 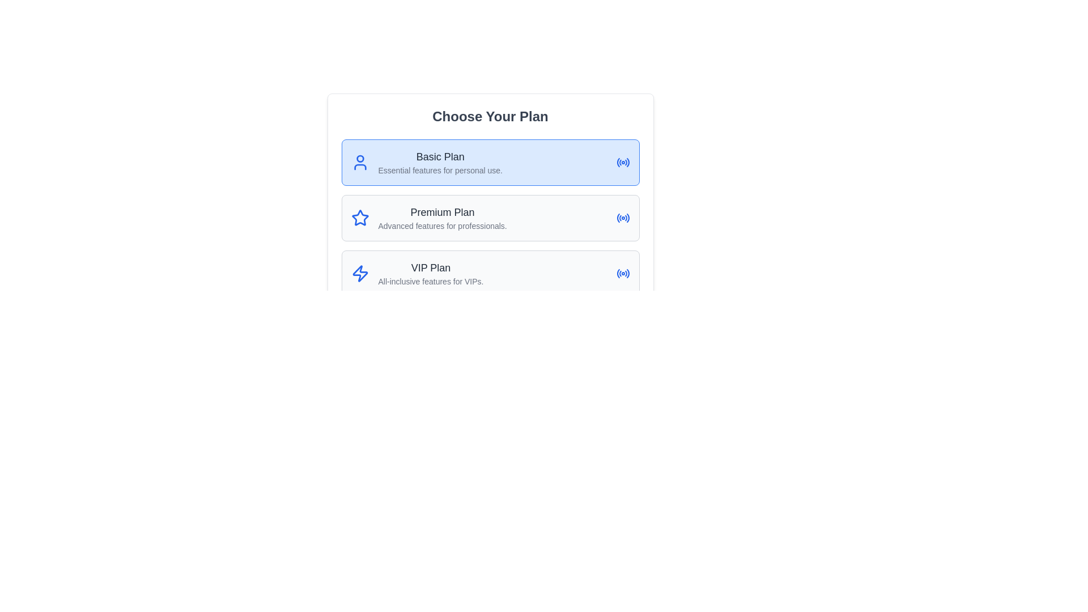 What do you see at coordinates (359, 273) in the screenshot?
I see `the blue lightning bolt icon located at the start of the VIP Plan option row, which features a sharp zigzag pattern` at bounding box center [359, 273].